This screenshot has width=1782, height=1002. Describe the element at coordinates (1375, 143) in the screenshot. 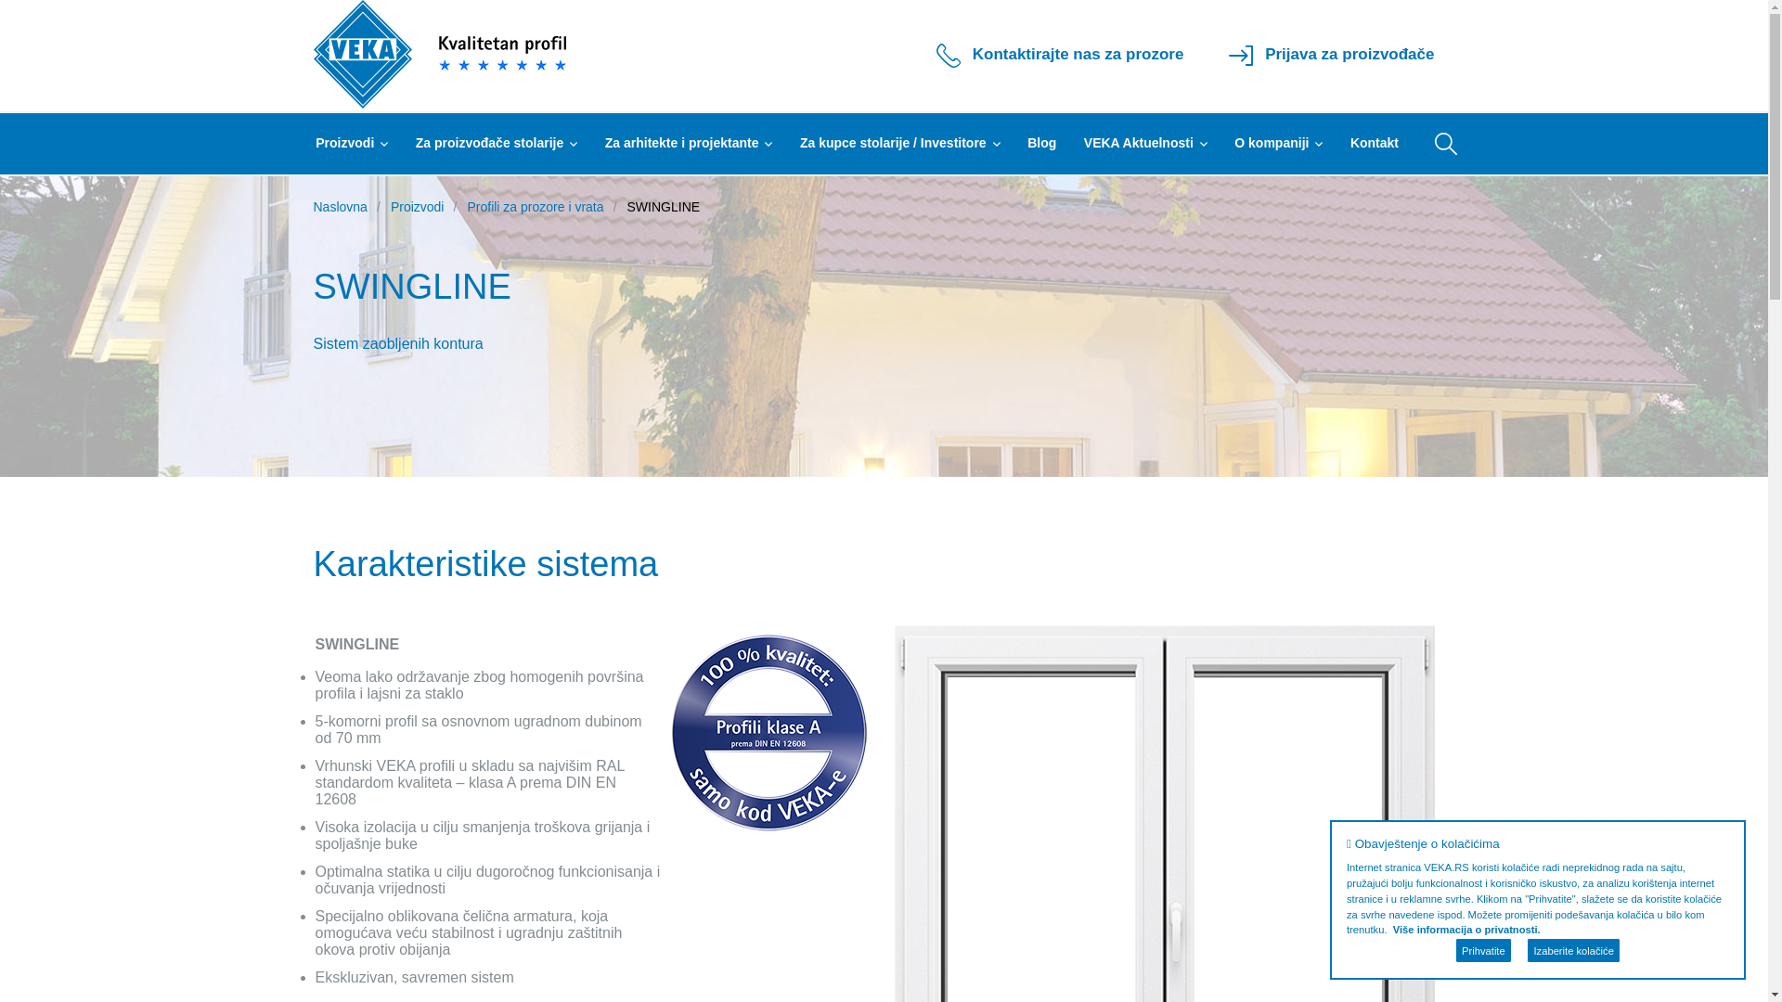

I see `'Kontakt'` at that location.